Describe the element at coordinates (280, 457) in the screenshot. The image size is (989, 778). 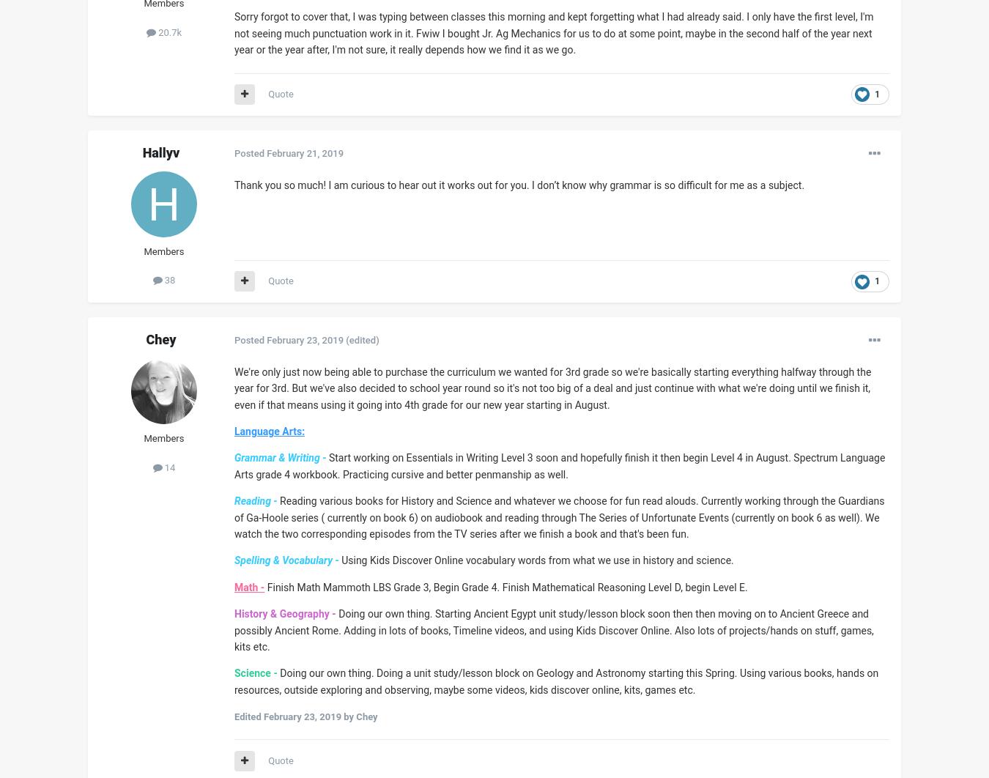
I see `'Grammar & Writing -'` at that location.